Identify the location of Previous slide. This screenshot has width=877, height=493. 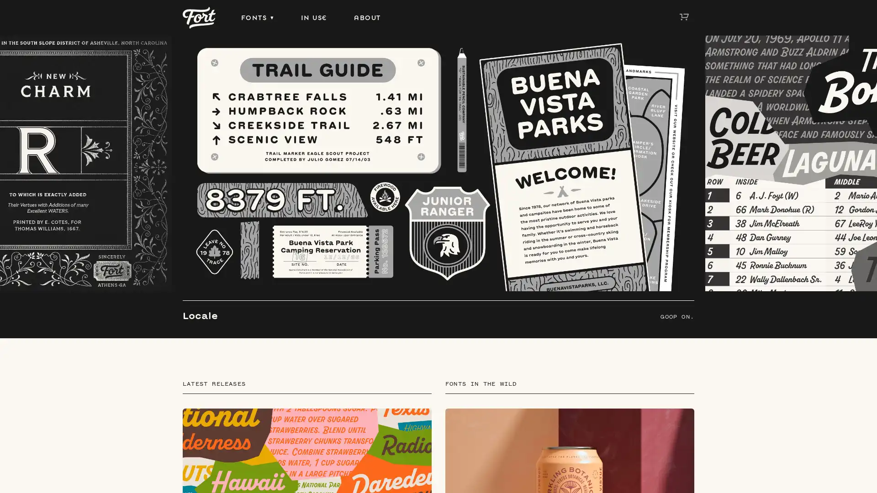
(15, 247).